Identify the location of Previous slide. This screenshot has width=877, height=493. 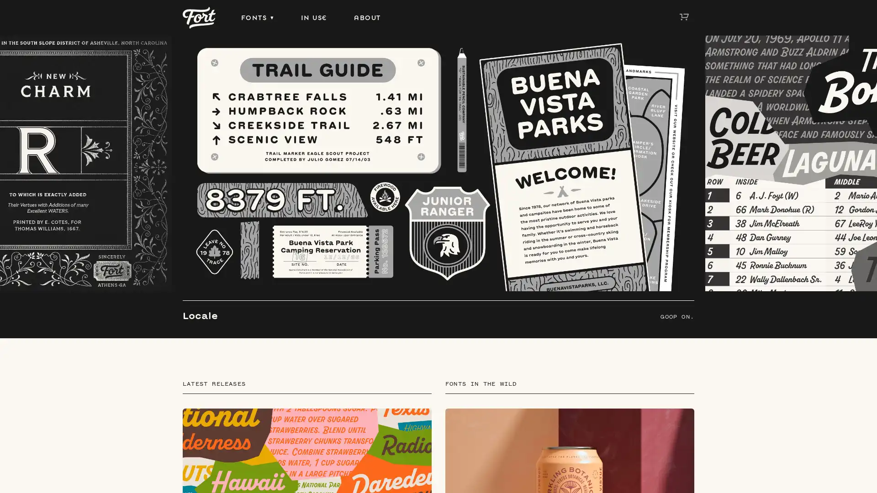
(15, 247).